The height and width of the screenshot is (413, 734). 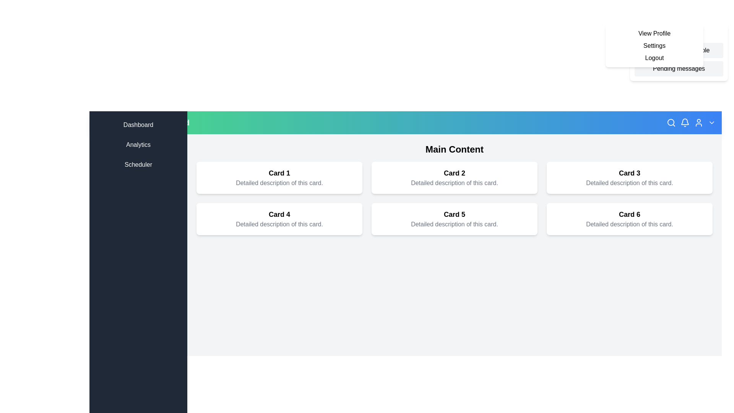 What do you see at coordinates (150, 122) in the screenshot?
I see `the 'Enhanced Dashboard' title element located in the top navigation bar of the application interface` at bounding box center [150, 122].